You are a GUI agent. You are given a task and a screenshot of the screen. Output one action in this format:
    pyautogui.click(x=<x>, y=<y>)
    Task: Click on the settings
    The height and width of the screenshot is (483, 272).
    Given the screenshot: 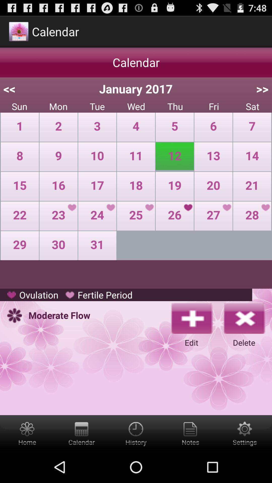 What is the action you would take?
    pyautogui.click(x=245, y=433)
    